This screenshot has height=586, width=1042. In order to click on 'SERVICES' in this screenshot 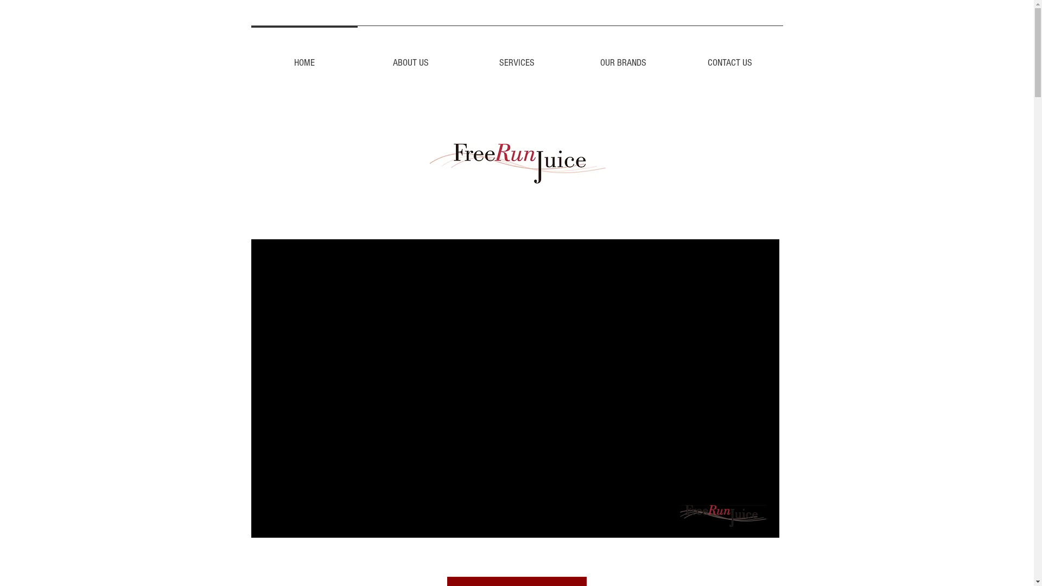, I will do `click(516, 58)`.